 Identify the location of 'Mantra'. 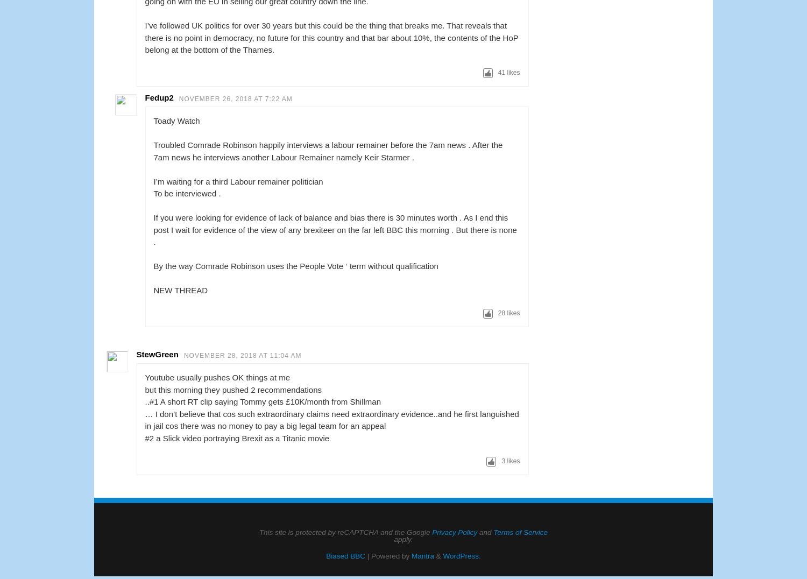
(423, 556).